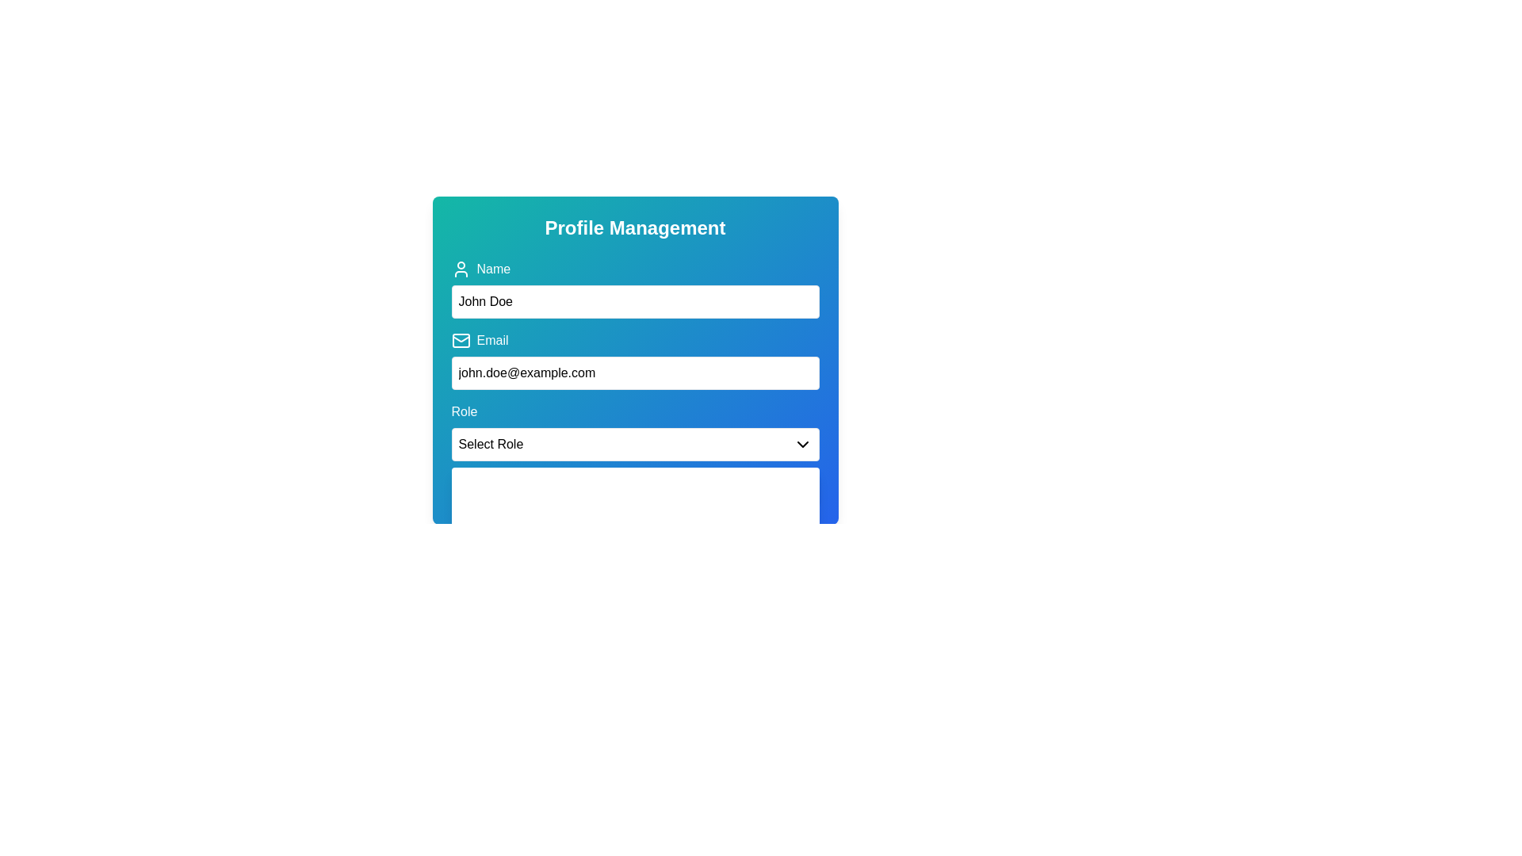  Describe the element at coordinates (635, 228) in the screenshot. I see `the 'Profile Management' title text label, which is styled as bold and has a larger font size, located at the top of the input fields and buttons within a green-to-blue gradient background` at that location.